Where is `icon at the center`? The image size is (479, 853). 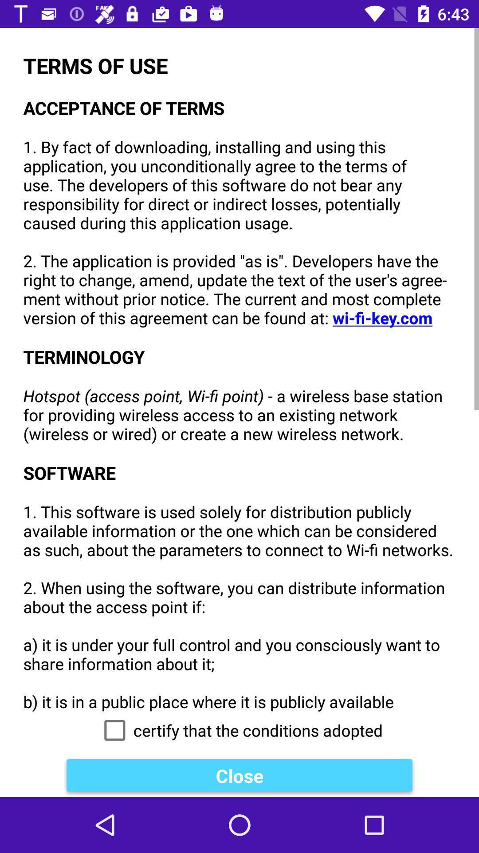 icon at the center is located at coordinates (239, 370).